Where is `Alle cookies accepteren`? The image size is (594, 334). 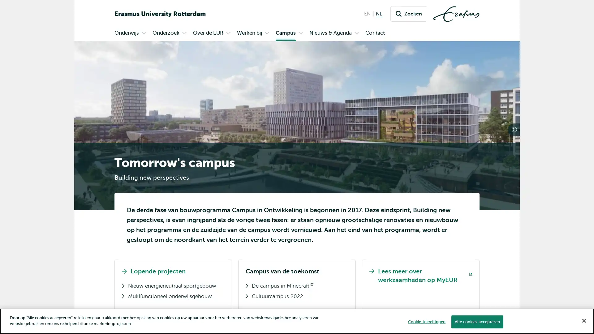 Alle cookies accepteren is located at coordinates (476, 321).